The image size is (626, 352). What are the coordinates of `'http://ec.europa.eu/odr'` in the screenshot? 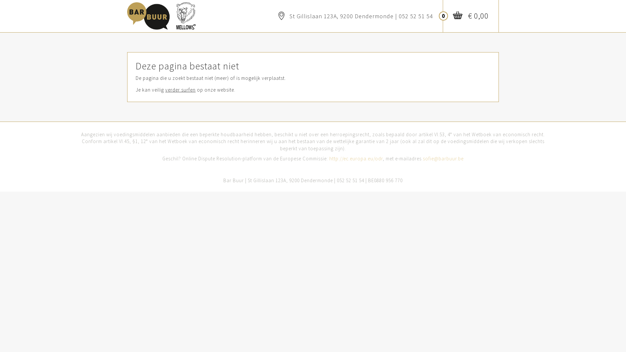 It's located at (355, 158).